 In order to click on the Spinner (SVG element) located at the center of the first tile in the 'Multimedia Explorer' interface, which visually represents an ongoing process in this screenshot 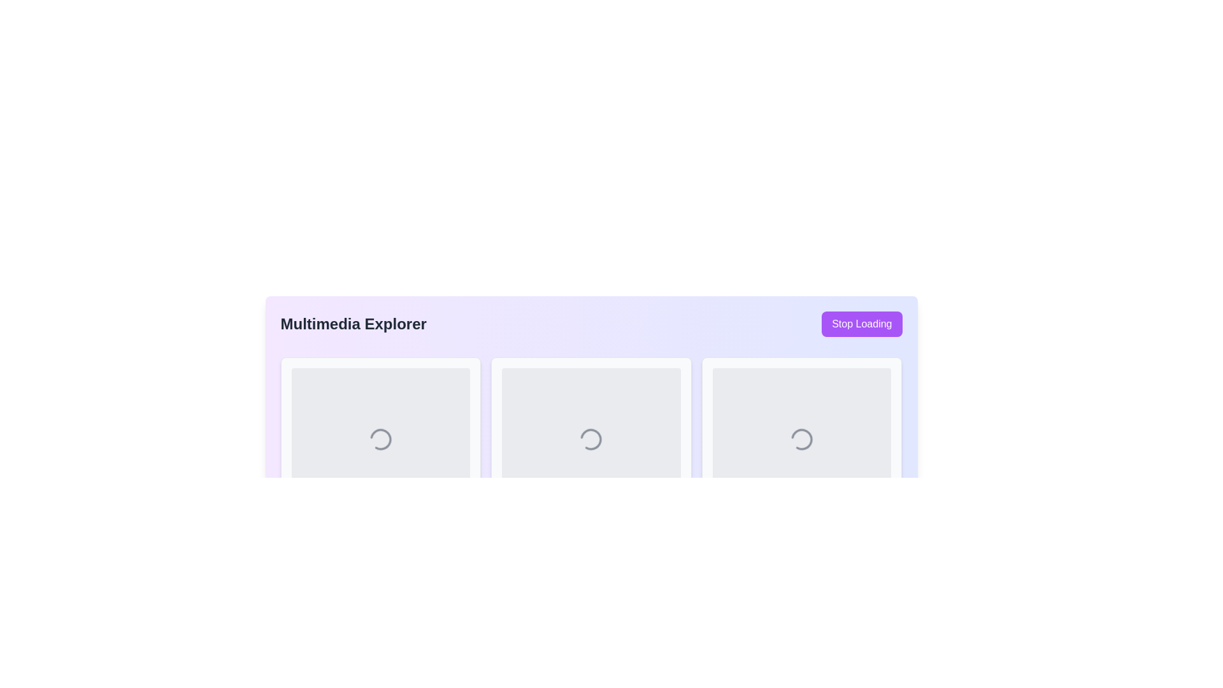, I will do `click(380, 439)`.